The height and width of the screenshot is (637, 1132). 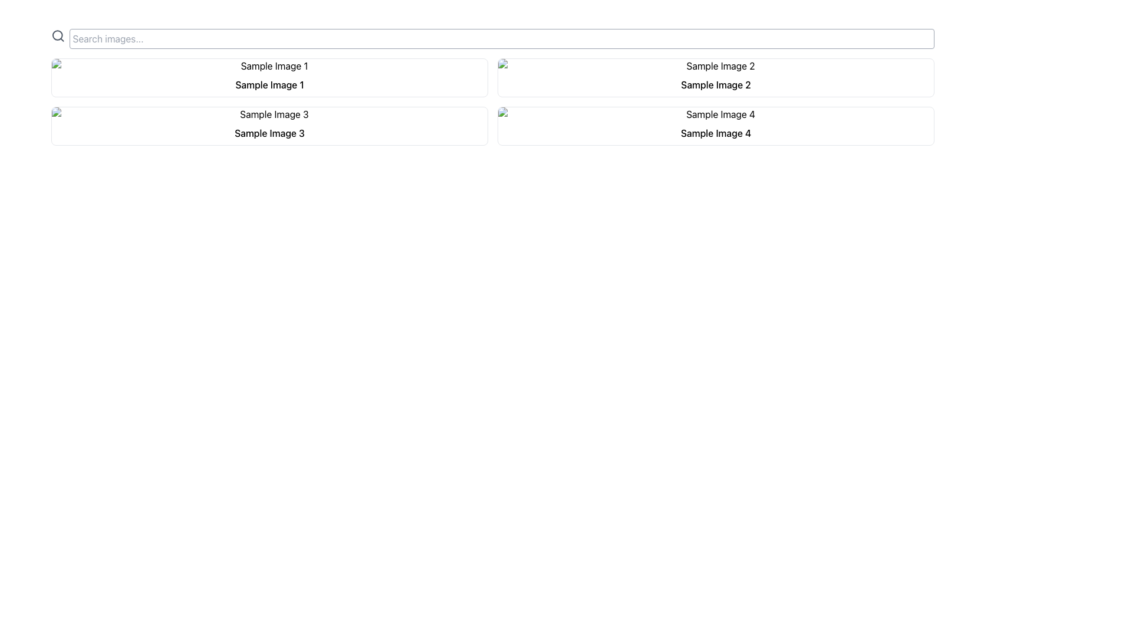 I want to click on the image placeholder located in the second card of the grid layout, which is labeled 'Sample Image 3', so click(x=269, y=114).